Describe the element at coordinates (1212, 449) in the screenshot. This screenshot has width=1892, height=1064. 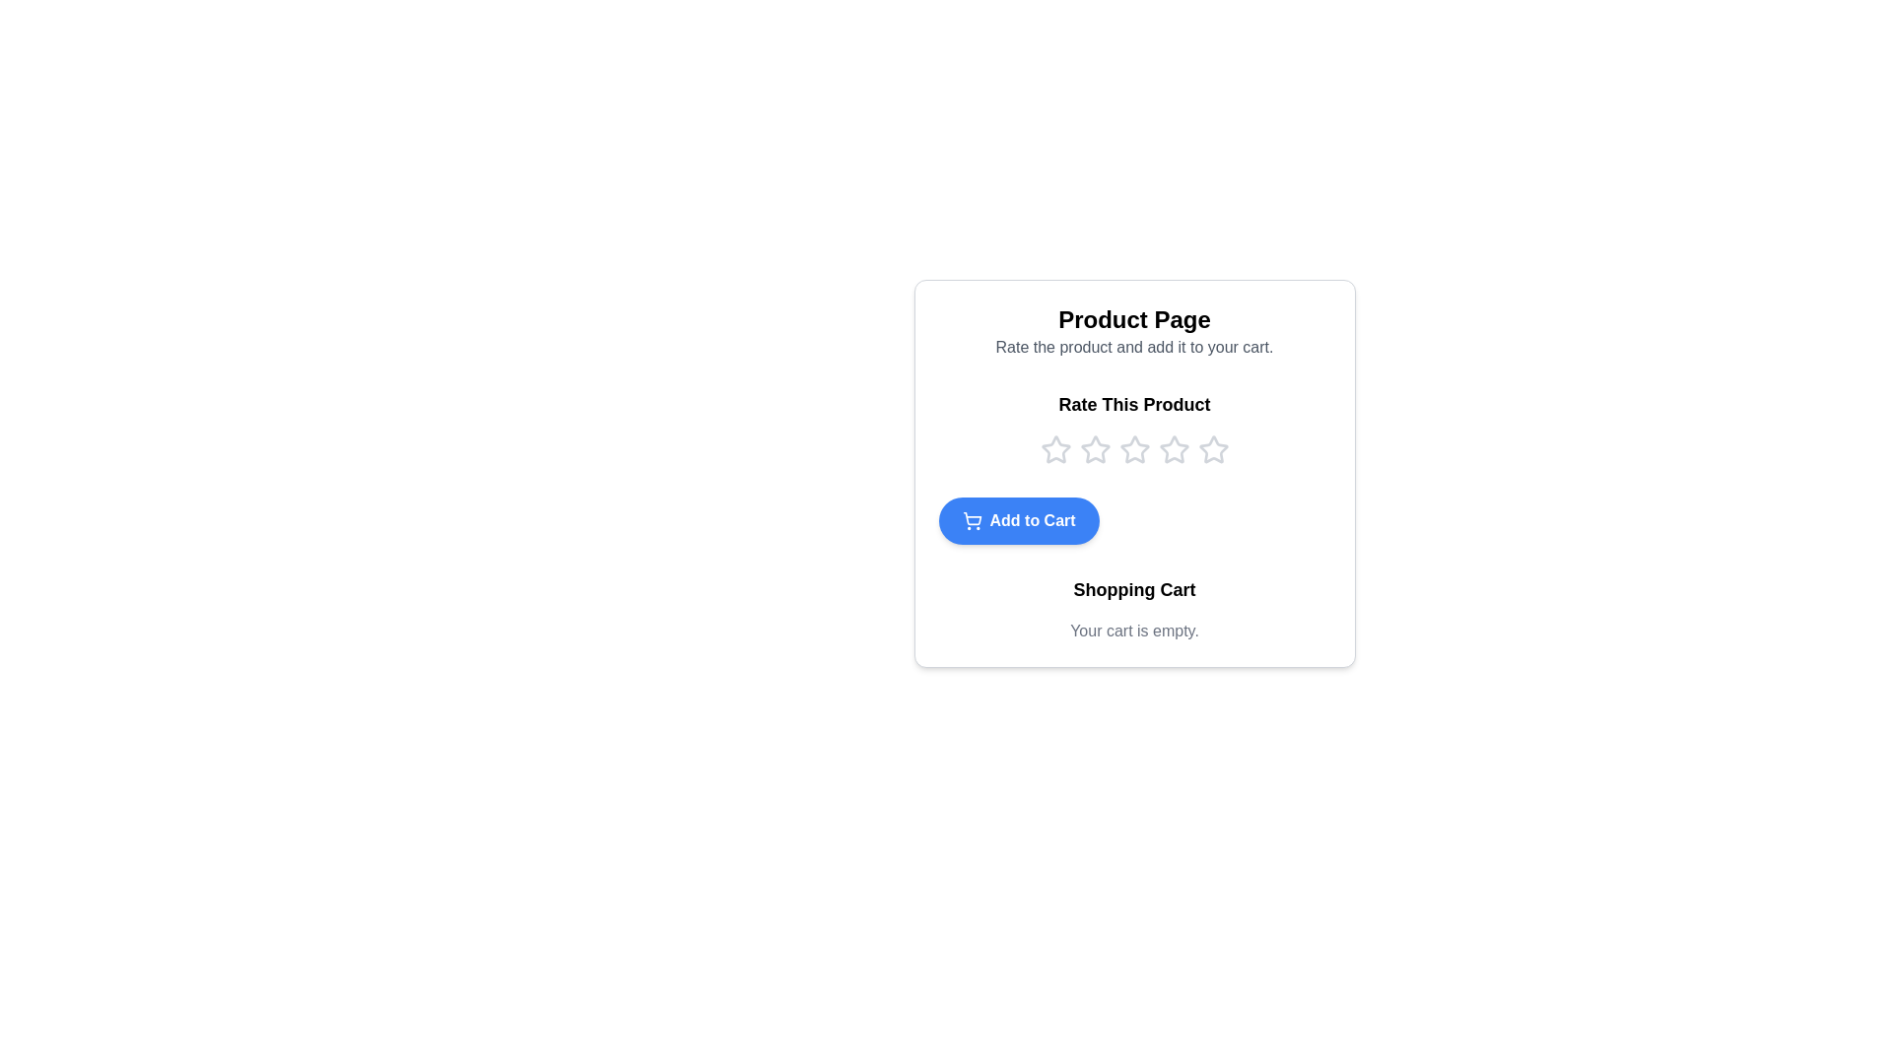
I see `the fifth star icon in the rating component` at that location.